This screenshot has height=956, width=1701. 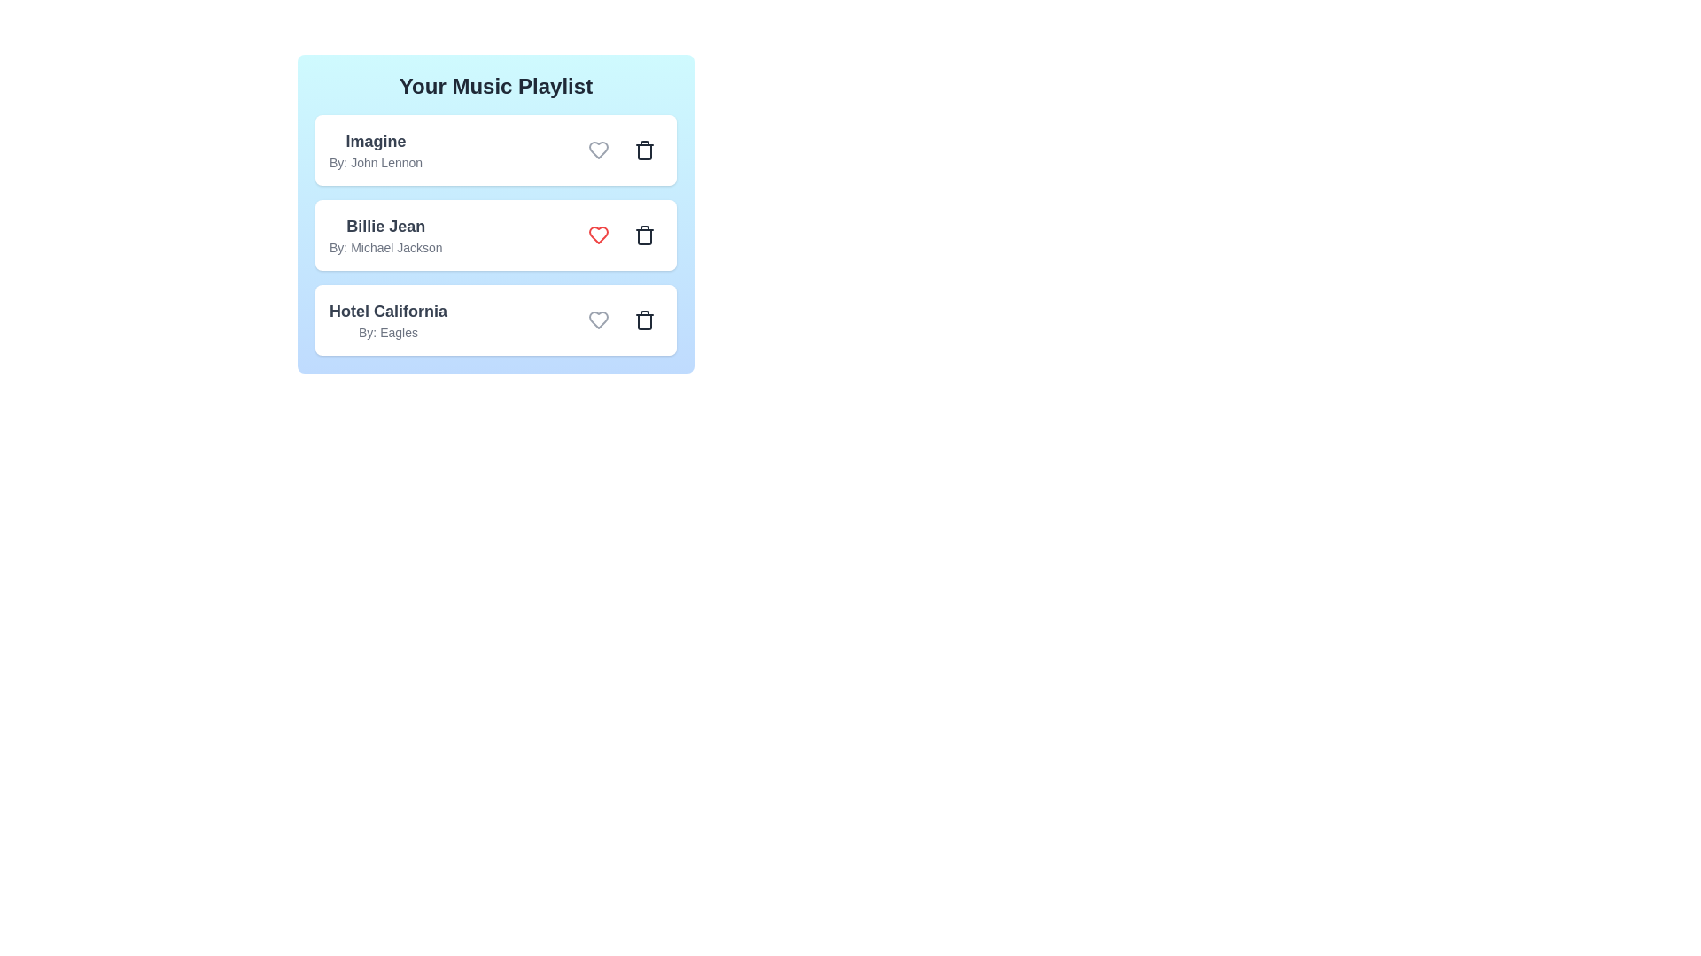 I want to click on the song with title Billie Jean from the playlist by clicking its trash icon, so click(x=644, y=235).